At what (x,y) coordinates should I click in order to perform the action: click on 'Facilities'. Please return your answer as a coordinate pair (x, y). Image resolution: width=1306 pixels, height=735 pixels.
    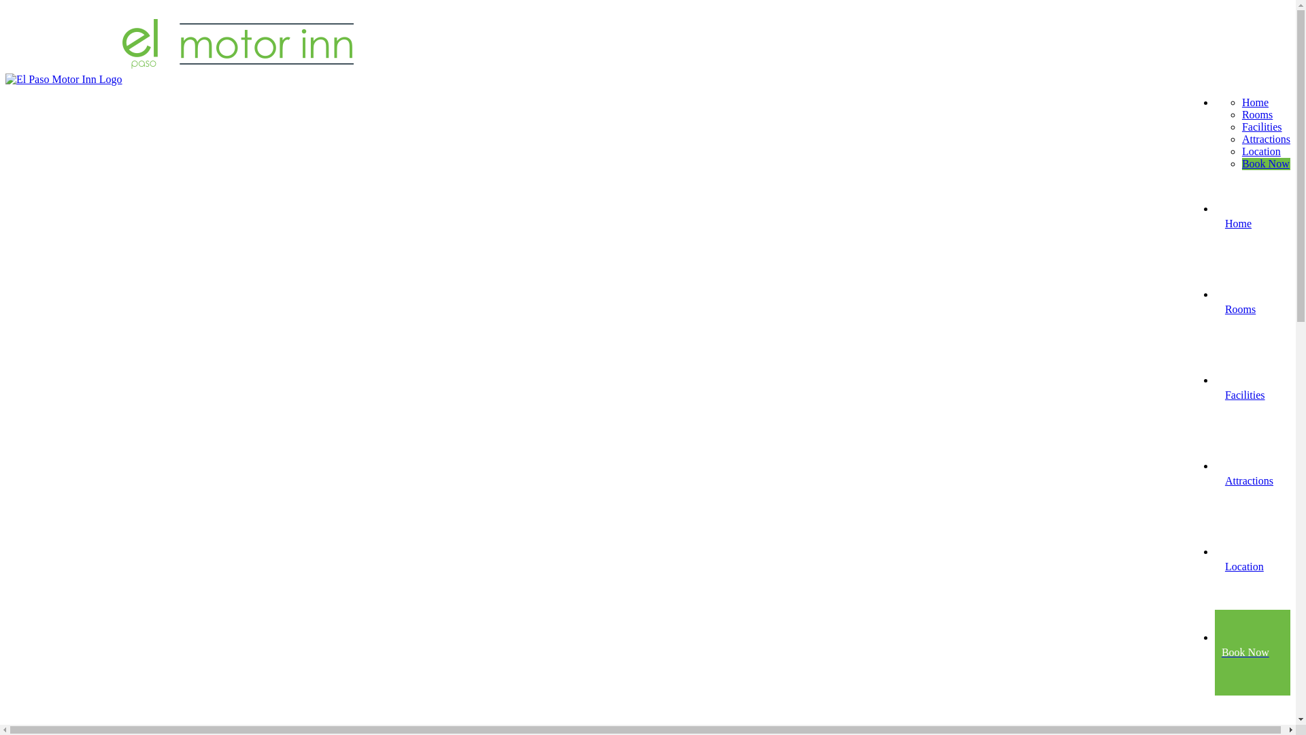
    Looking at the image, I should click on (1261, 127).